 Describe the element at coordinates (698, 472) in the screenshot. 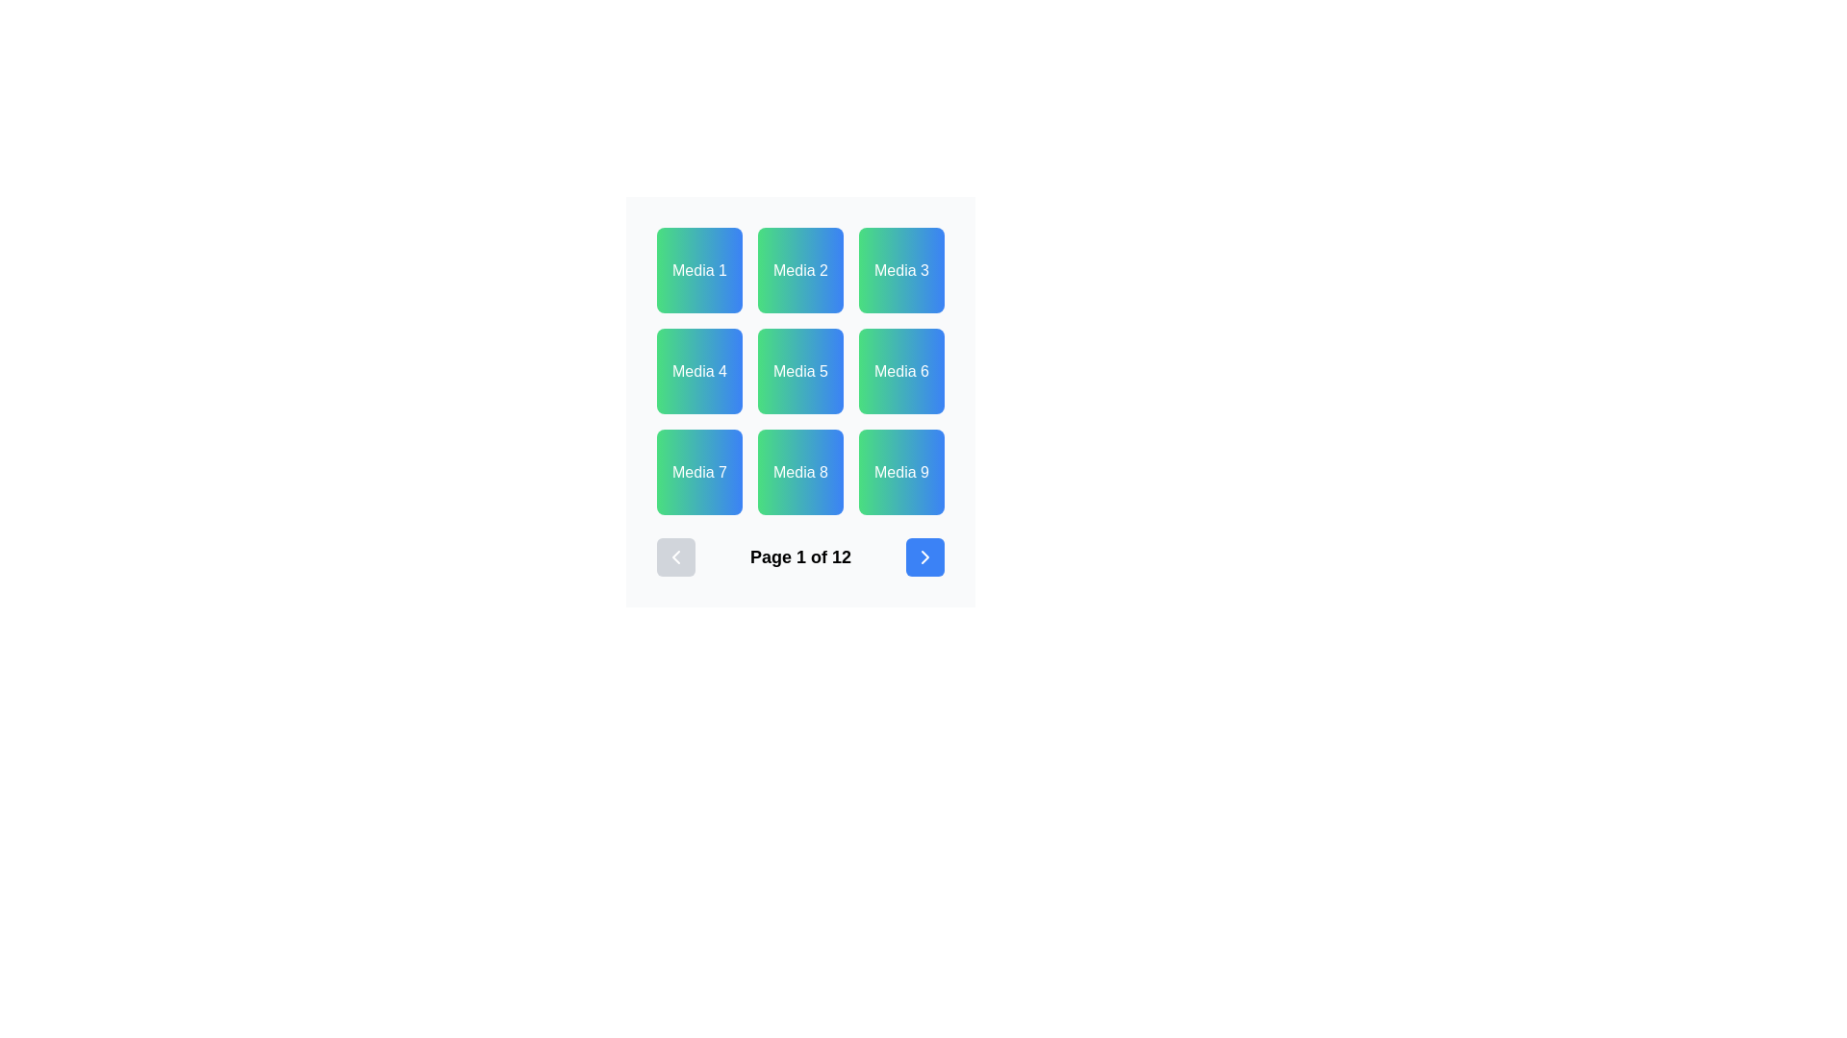

I see `the button labeled 'Media 7' located in the bottom-left corner of a 3x3 grid layout to trigger any hover effects` at that location.